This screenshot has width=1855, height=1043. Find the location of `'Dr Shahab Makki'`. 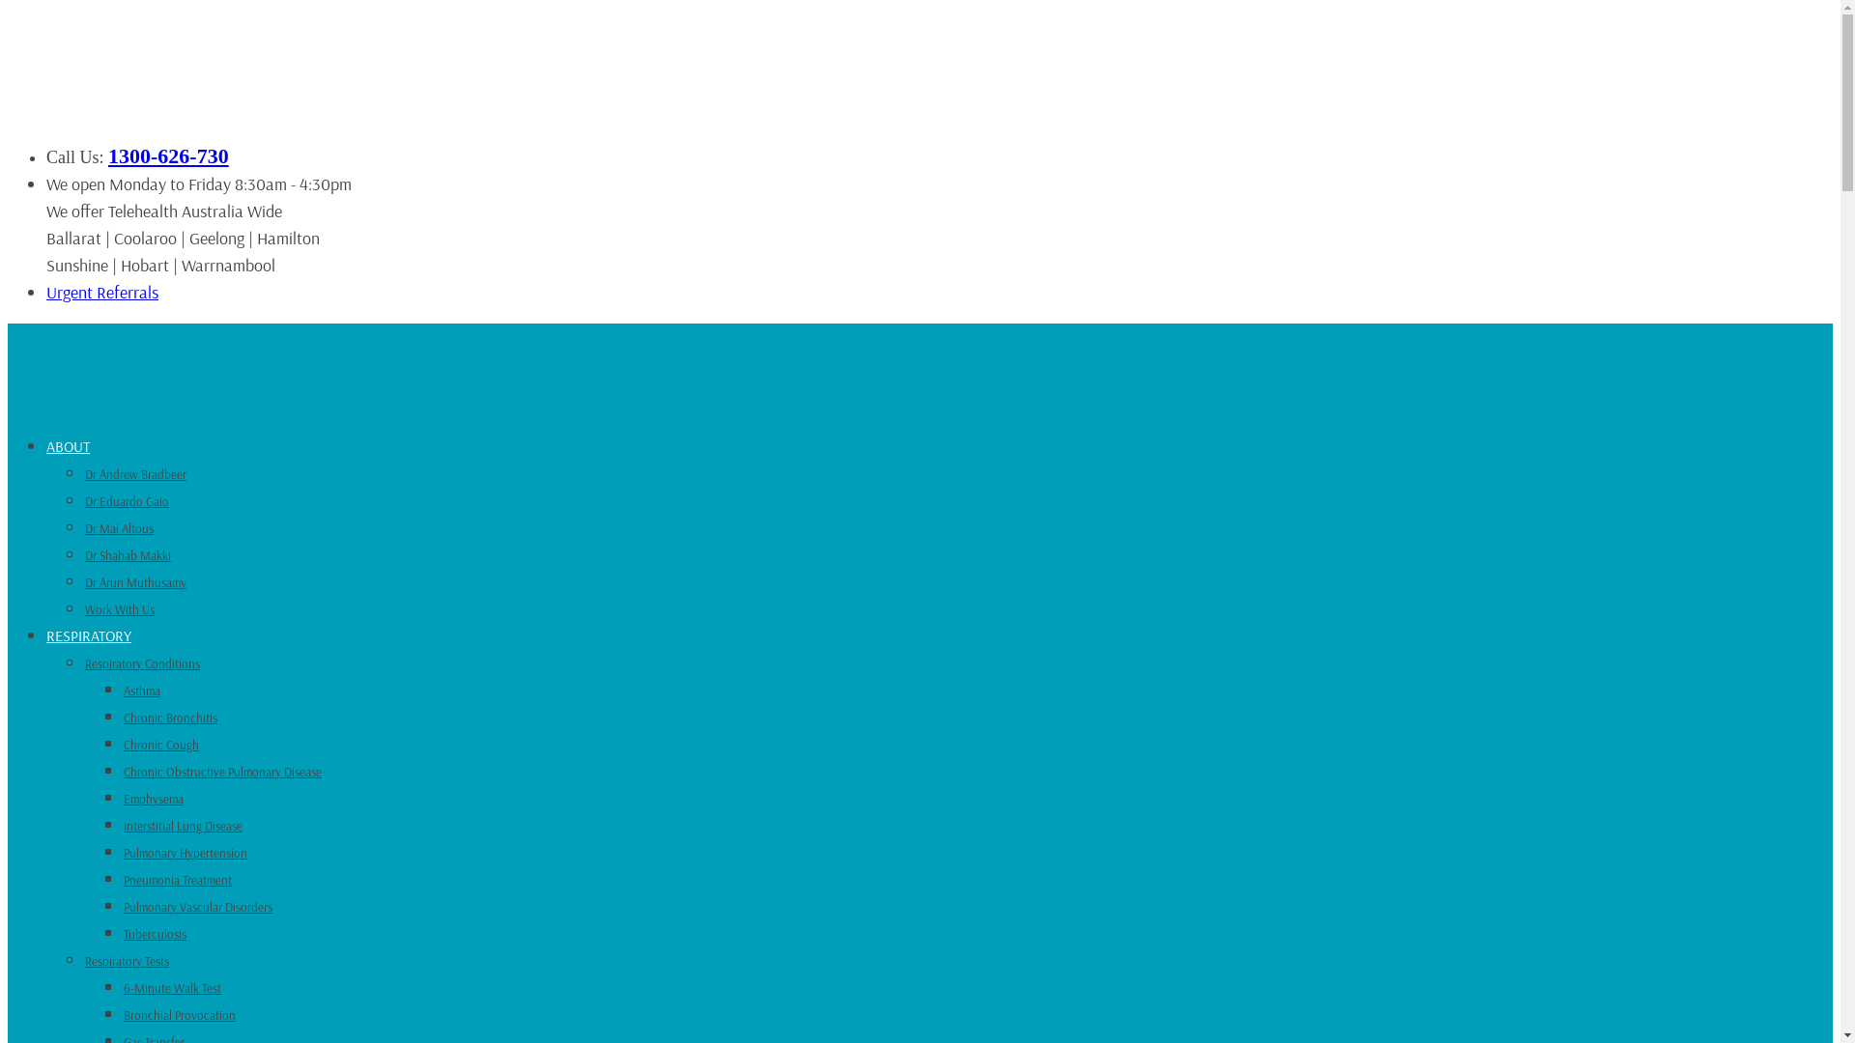

'Dr Shahab Makki' is located at coordinates (127, 554).